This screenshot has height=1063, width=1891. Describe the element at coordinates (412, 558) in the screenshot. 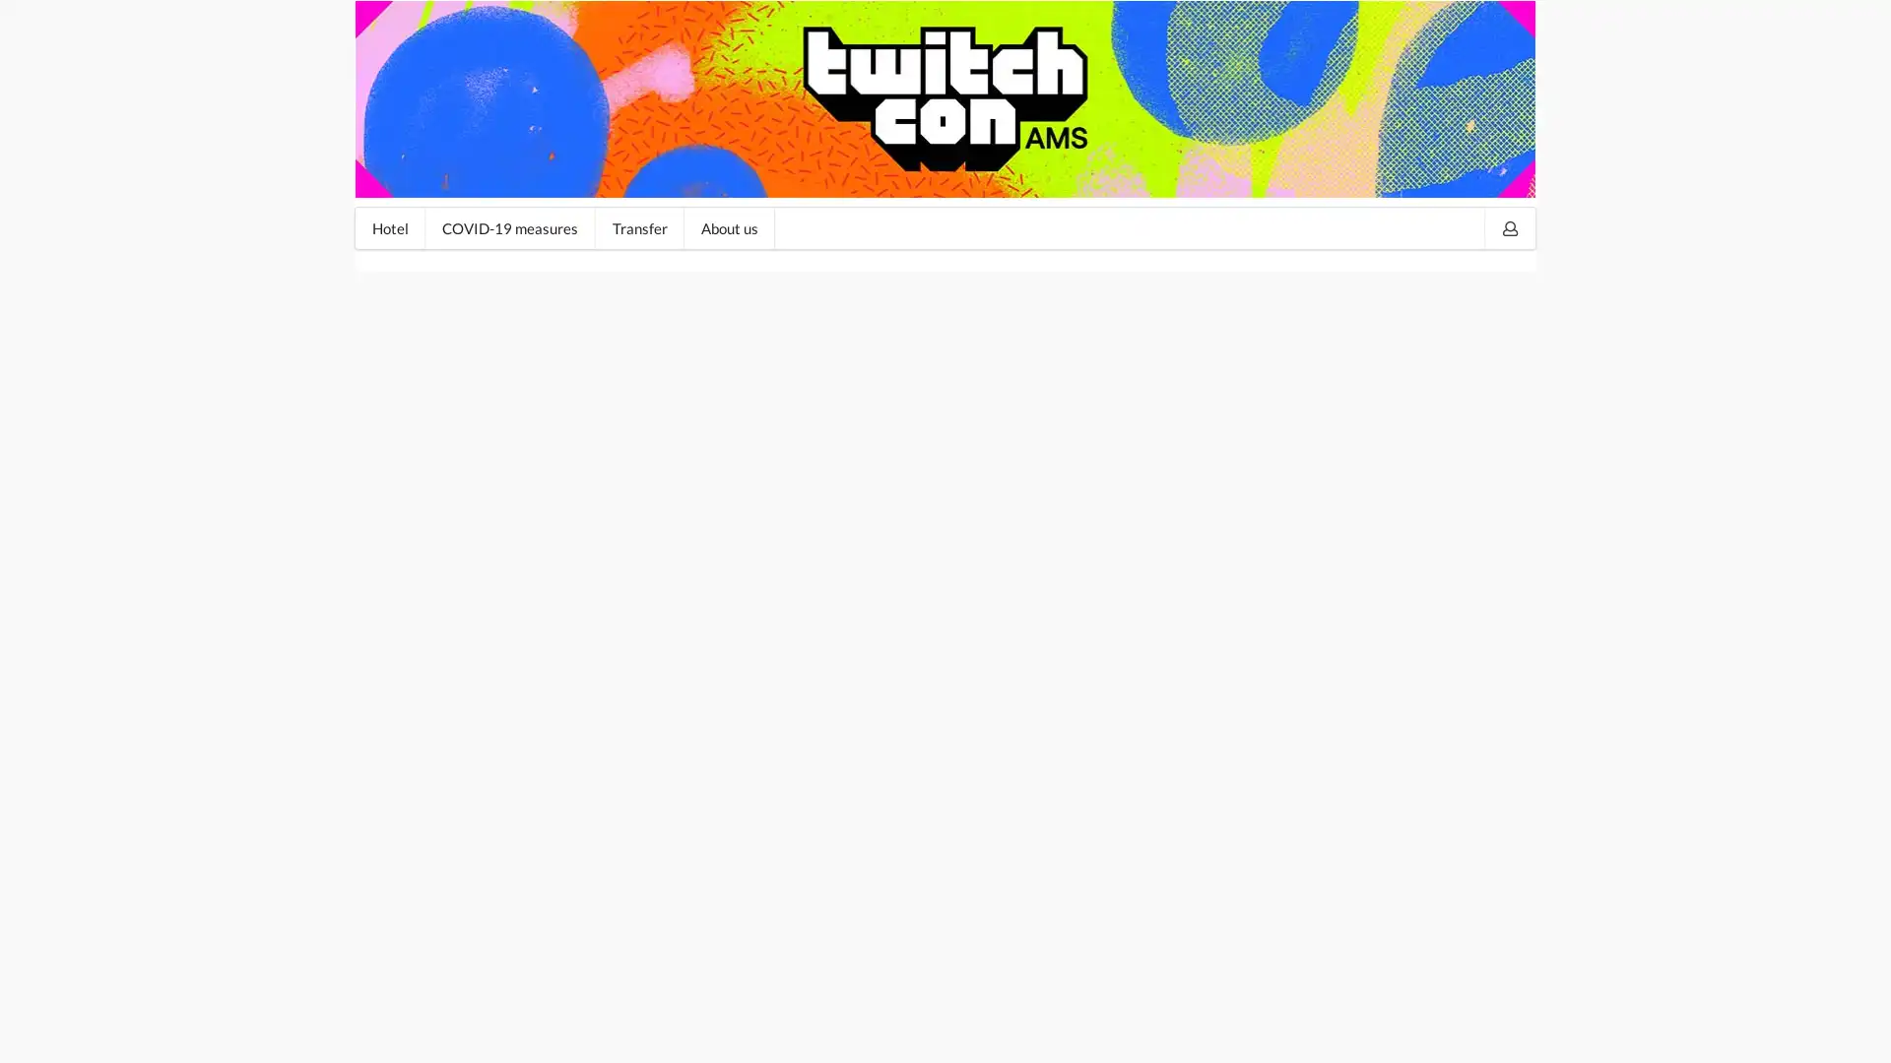

I see `Continue` at that location.